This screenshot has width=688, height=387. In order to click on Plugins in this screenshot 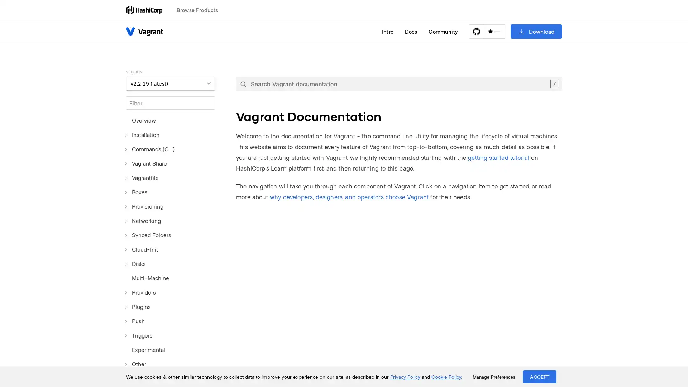, I will do `click(138, 306)`.